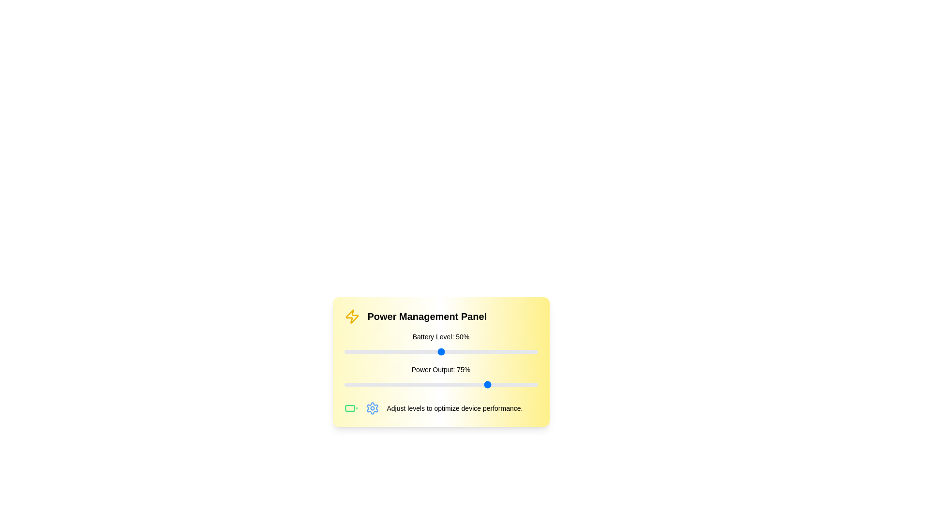 The height and width of the screenshot is (522, 929). What do you see at coordinates (516, 384) in the screenshot?
I see `the 'Power Output' slider to 89%` at bounding box center [516, 384].